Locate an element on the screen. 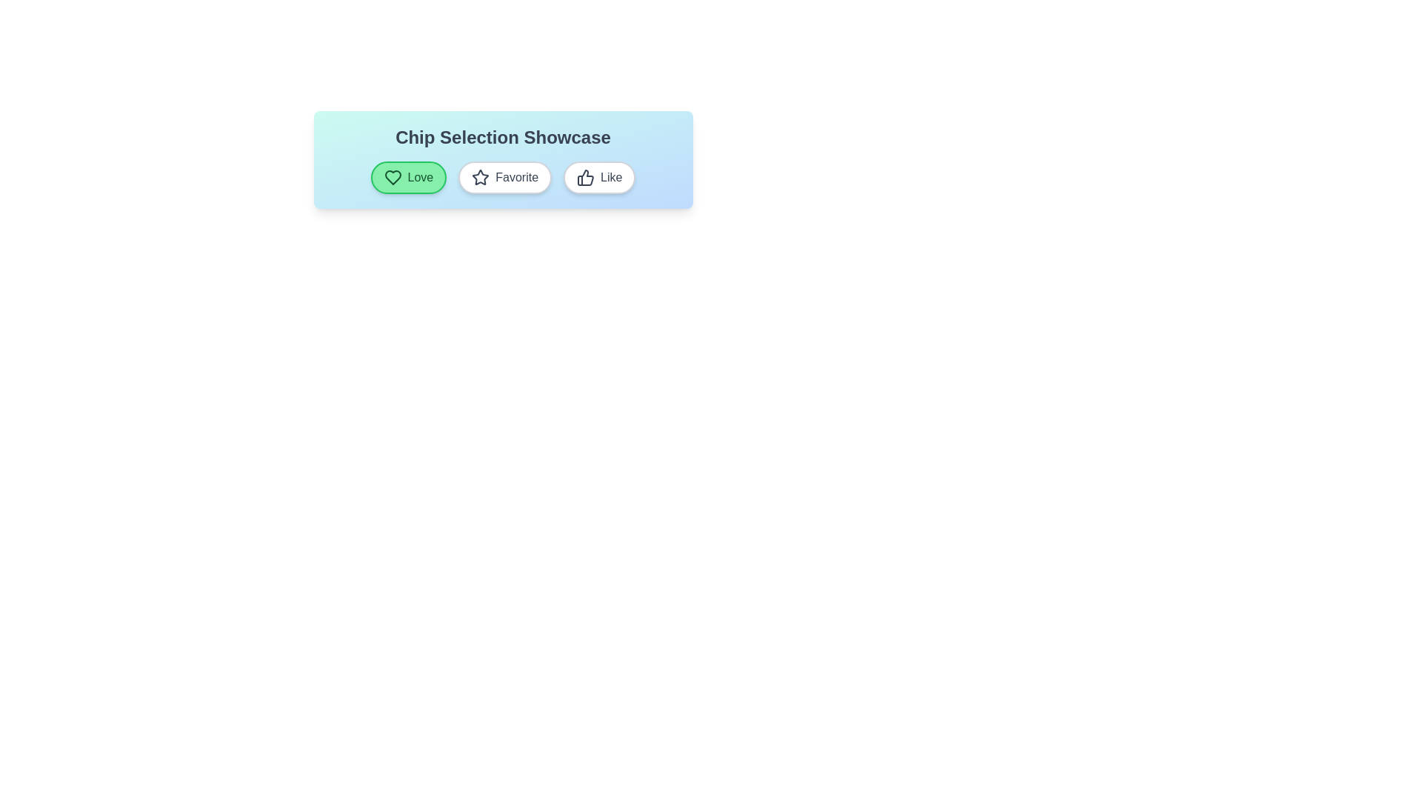  the chip labeled Love to observe its visual feedback is located at coordinates (409, 176).